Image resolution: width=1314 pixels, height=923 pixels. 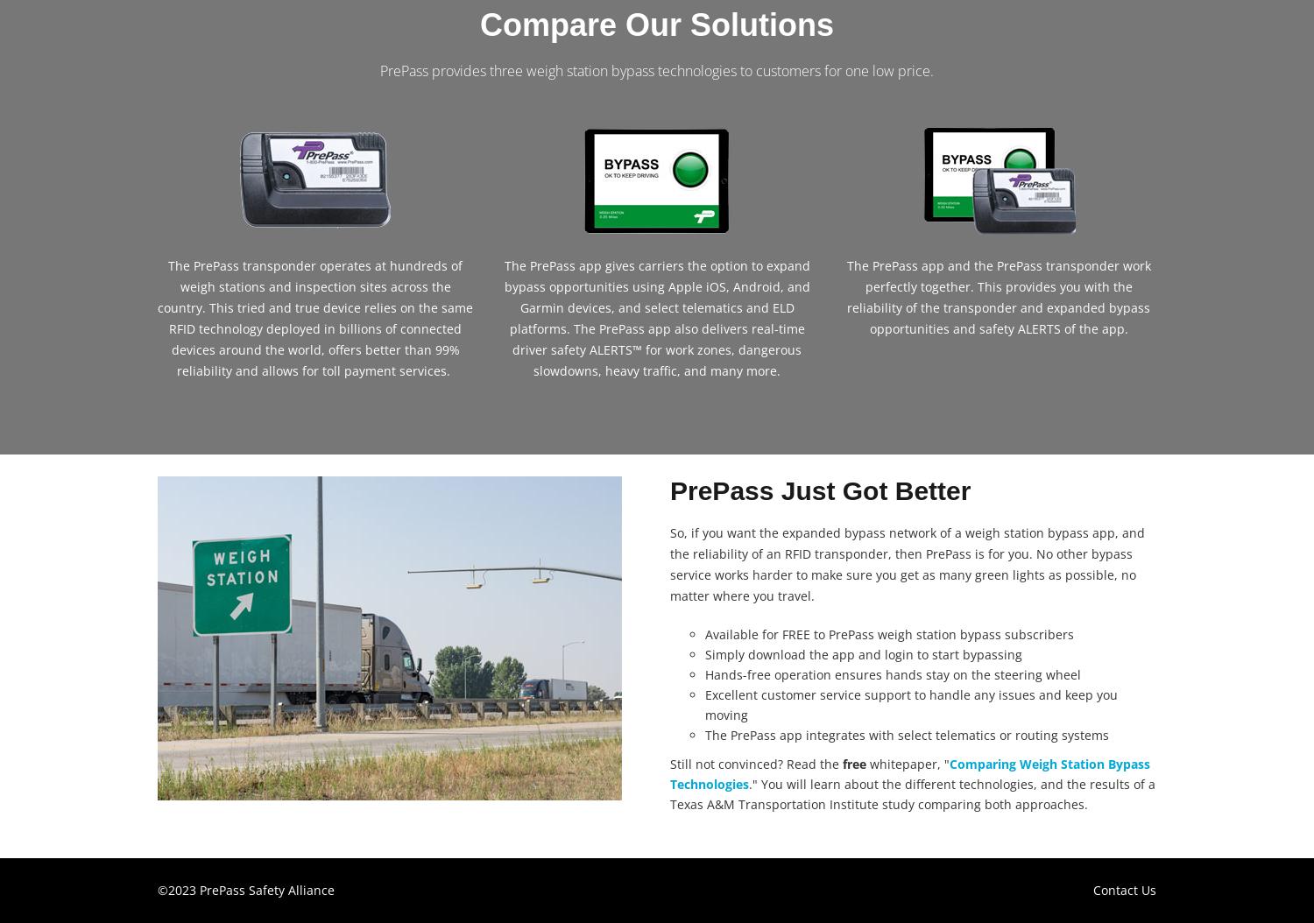 I want to click on 'Hands-free operation ensures hands stay on the steering wheel', so click(x=893, y=673).